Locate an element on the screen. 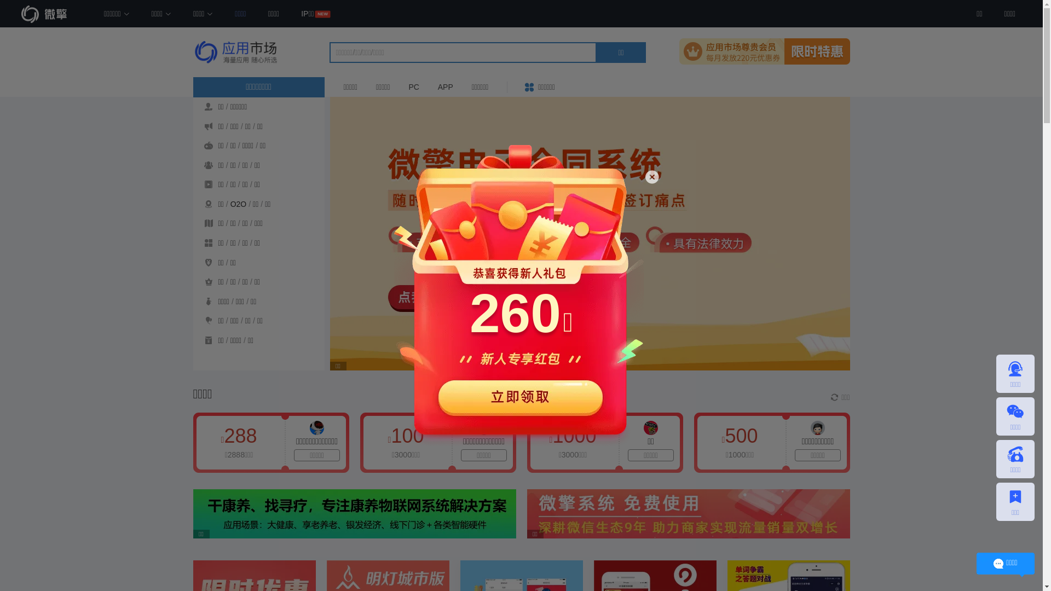  'APP' is located at coordinates (446, 86).